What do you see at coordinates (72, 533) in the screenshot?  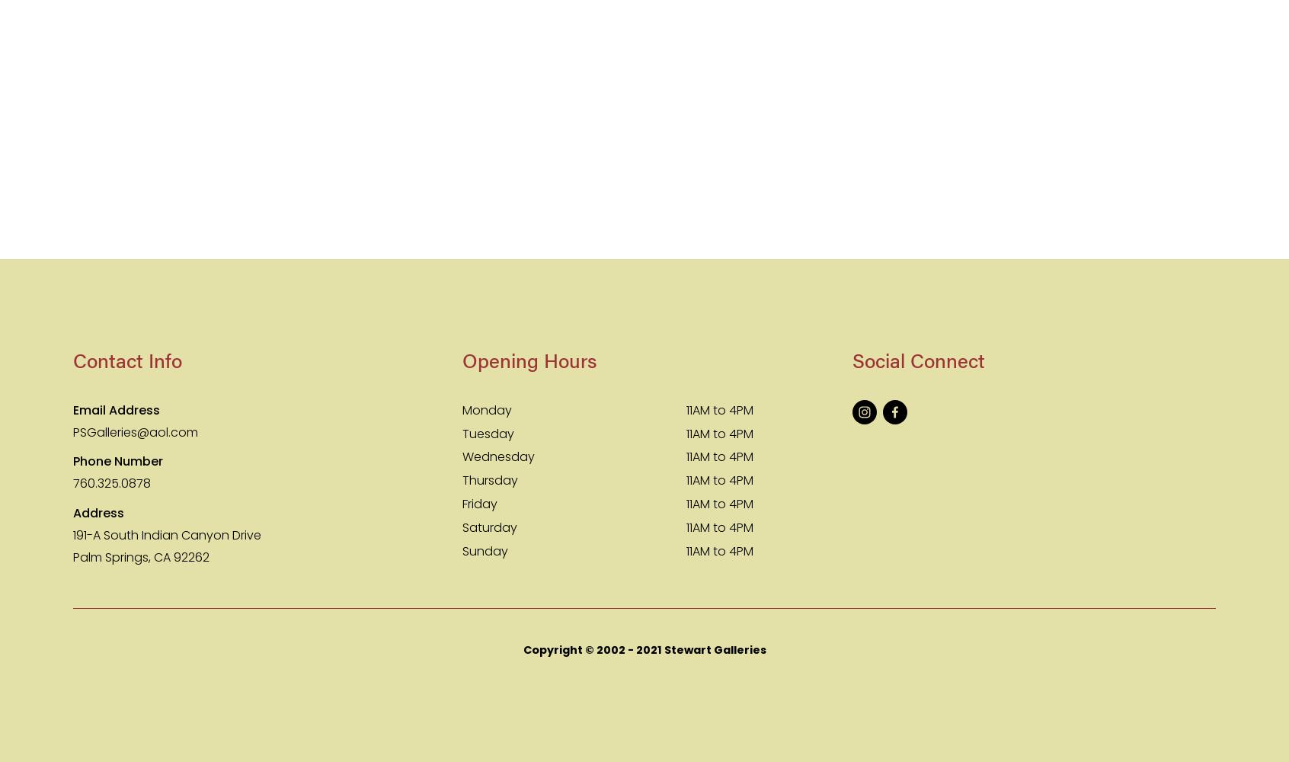 I see `'191-A South Indian Canyon Drive'` at bounding box center [72, 533].